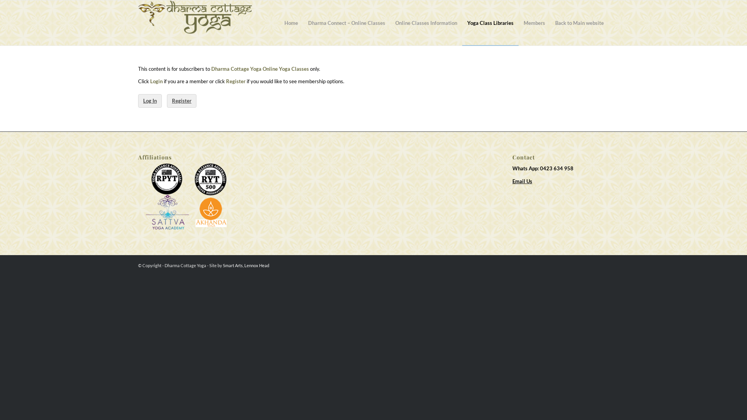  What do you see at coordinates (534, 22) in the screenshot?
I see `'Members'` at bounding box center [534, 22].